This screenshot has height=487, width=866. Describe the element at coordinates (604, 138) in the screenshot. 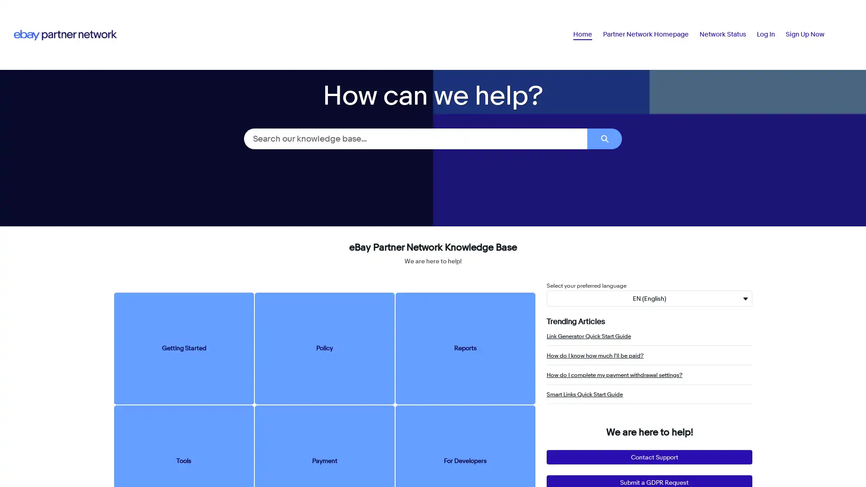

I see `Search` at that location.